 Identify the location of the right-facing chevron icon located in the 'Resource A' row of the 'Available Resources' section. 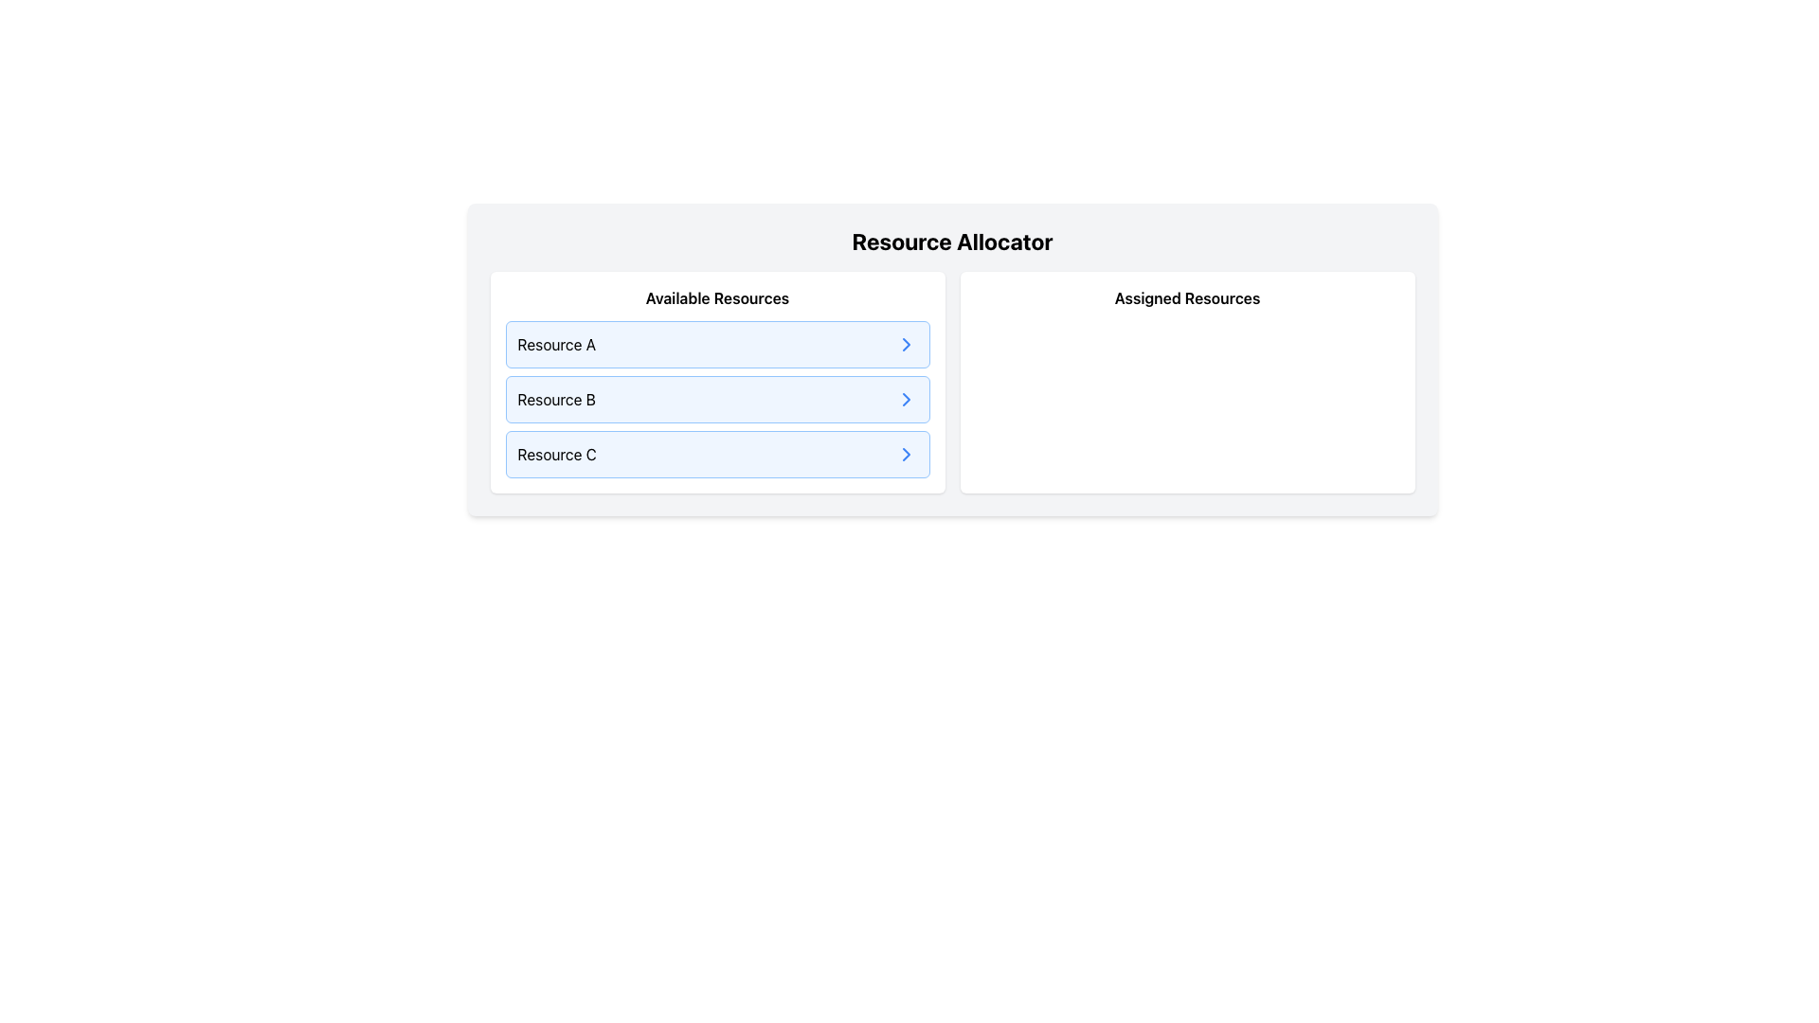
(905, 344).